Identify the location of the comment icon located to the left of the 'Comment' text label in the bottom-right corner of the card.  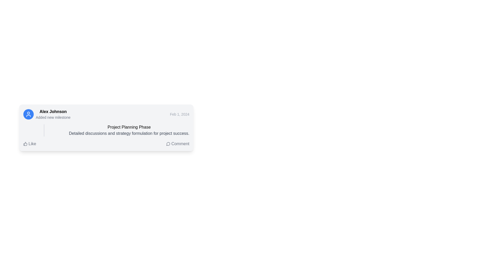
(168, 144).